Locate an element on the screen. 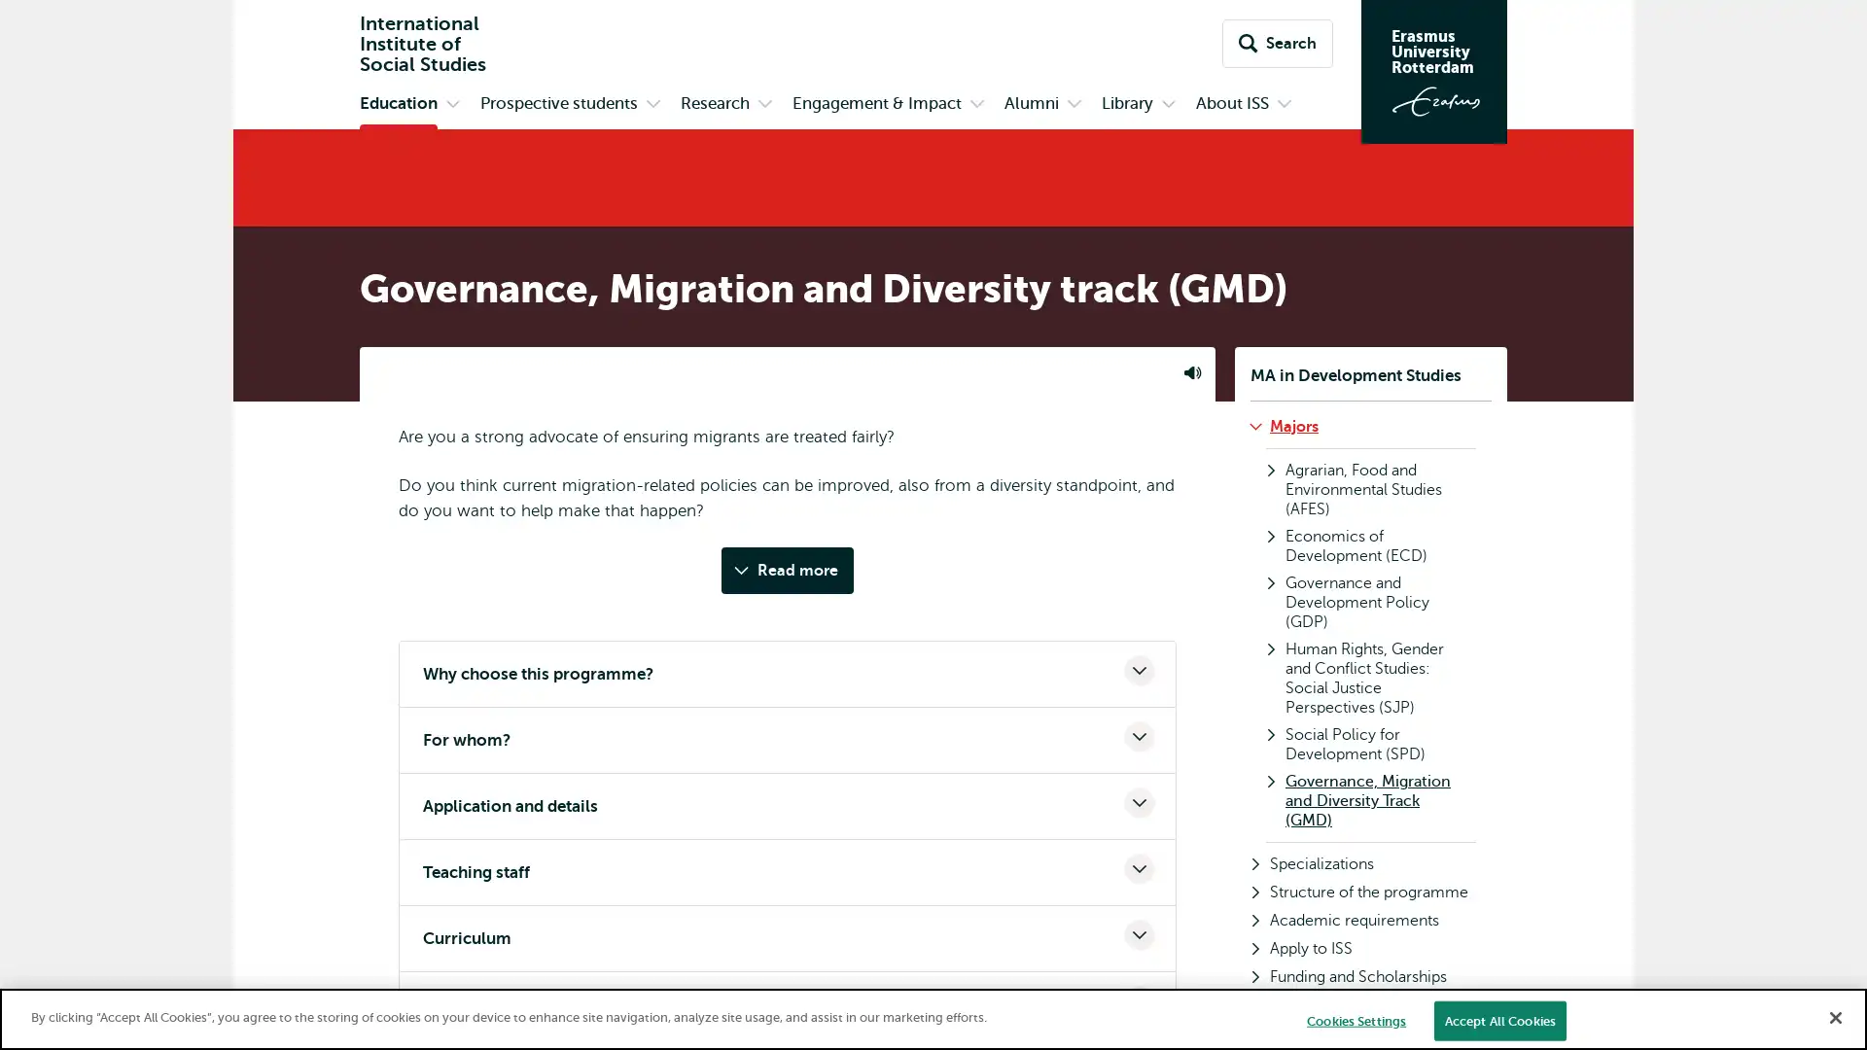  Curriculum is located at coordinates (788, 937).